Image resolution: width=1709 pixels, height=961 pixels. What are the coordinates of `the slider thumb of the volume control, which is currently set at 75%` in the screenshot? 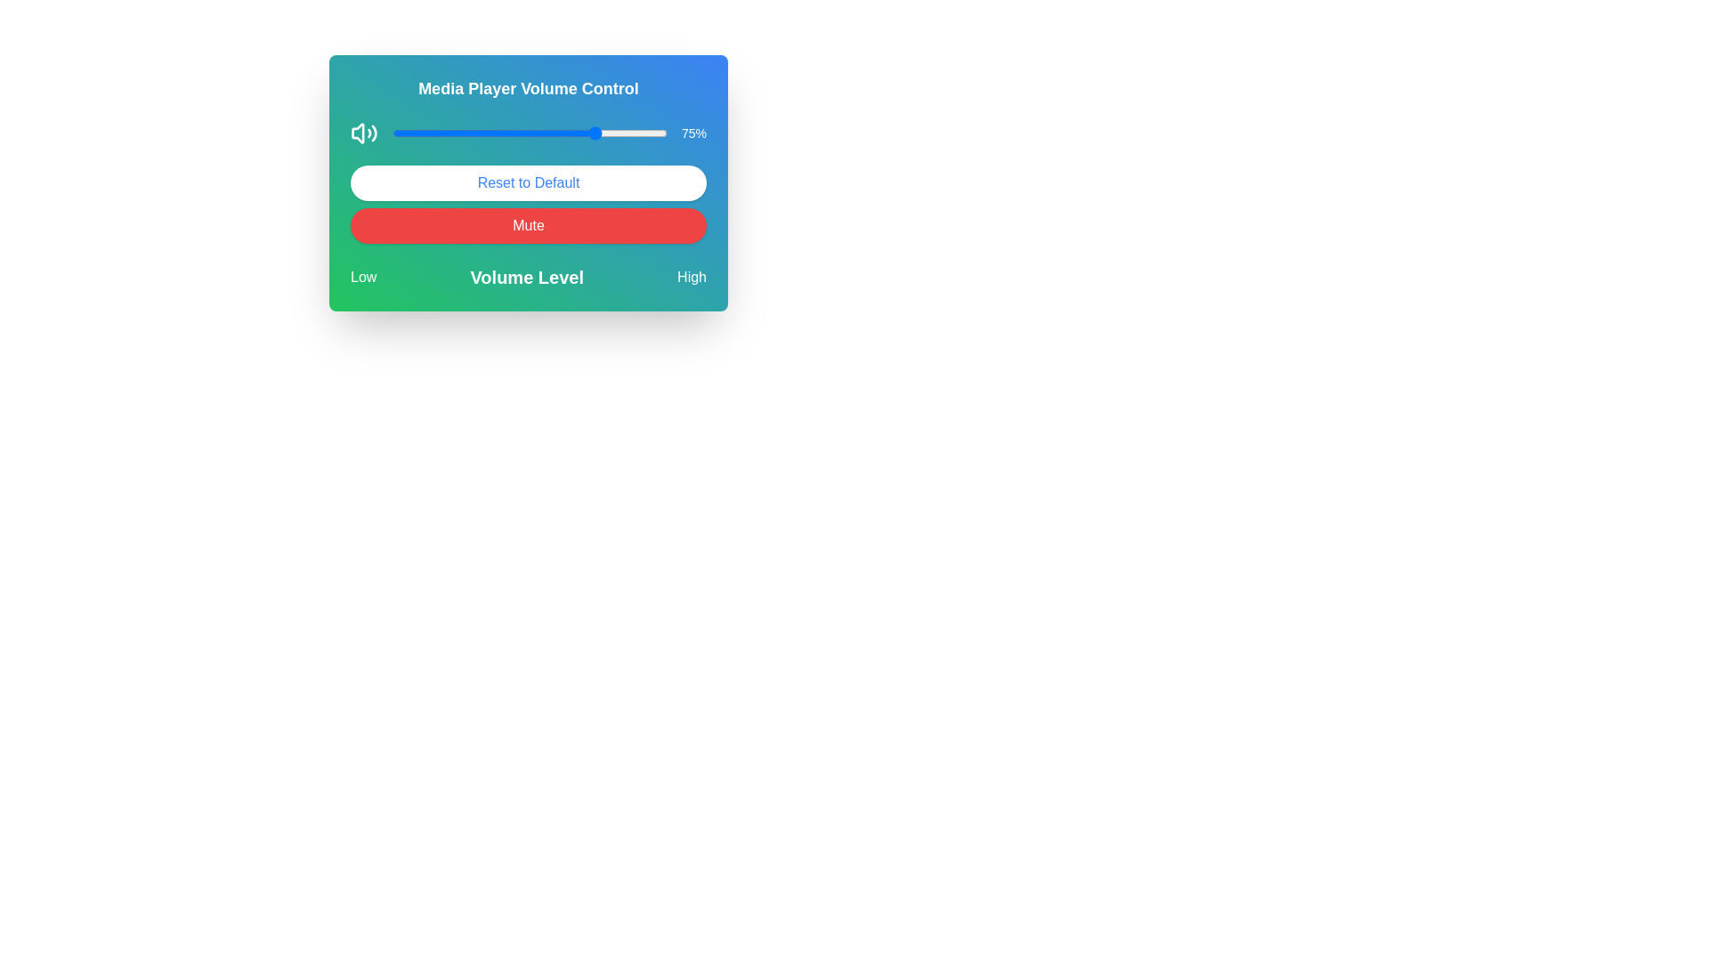 It's located at (529, 133).